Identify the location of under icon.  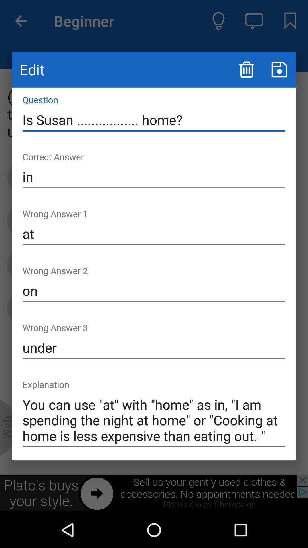
(154, 347).